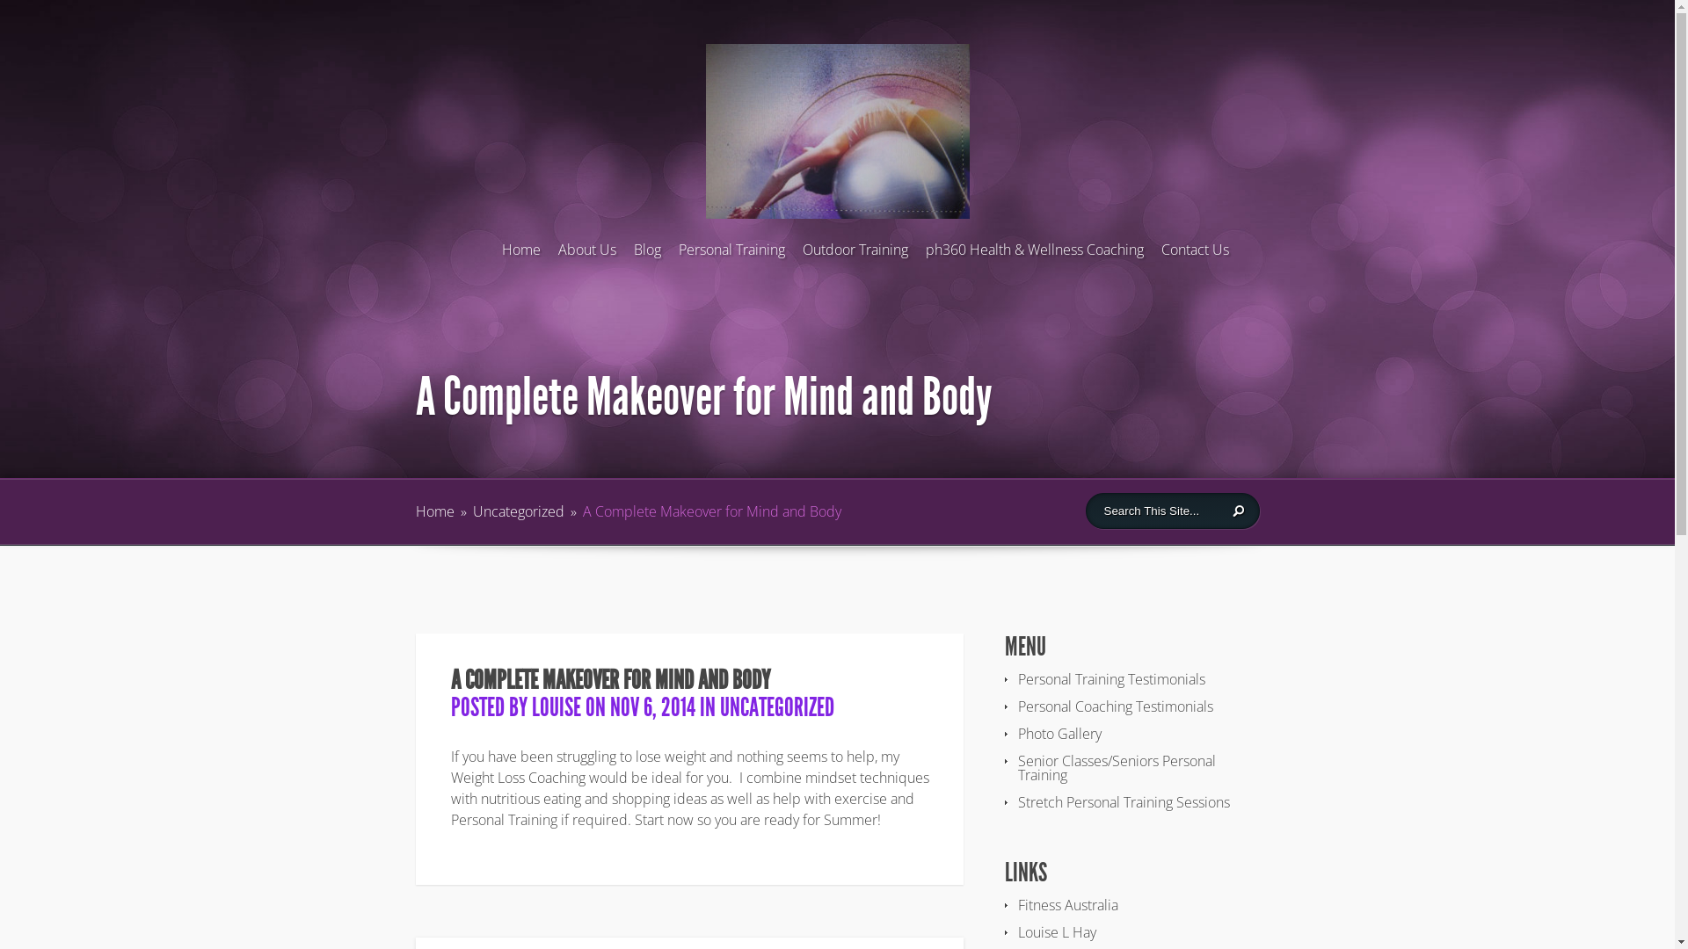 This screenshot has width=1688, height=949. What do you see at coordinates (1017, 733) in the screenshot?
I see `'Photo Gallery'` at bounding box center [1017, 733].